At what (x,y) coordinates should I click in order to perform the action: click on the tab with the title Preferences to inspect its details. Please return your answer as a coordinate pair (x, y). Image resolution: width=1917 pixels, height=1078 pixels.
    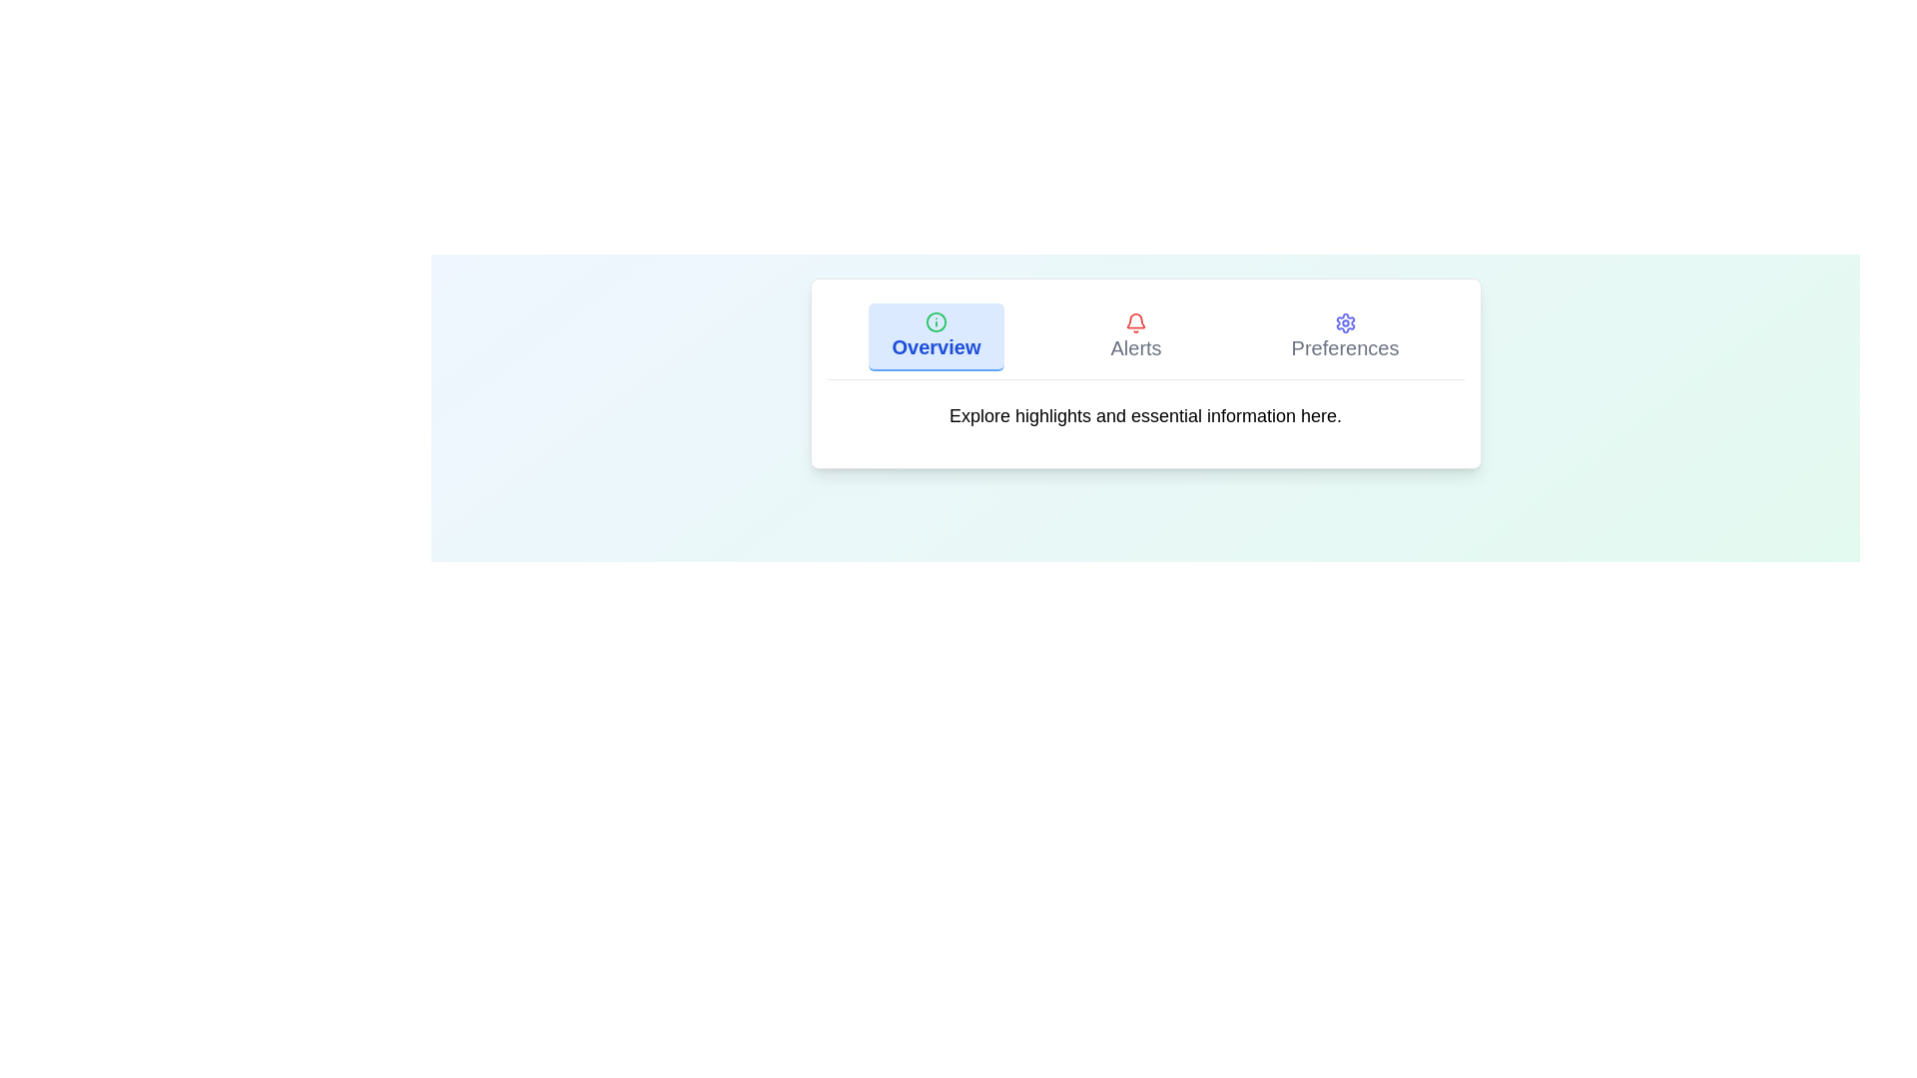
    Looking at the image, I should click on (1345, 336).